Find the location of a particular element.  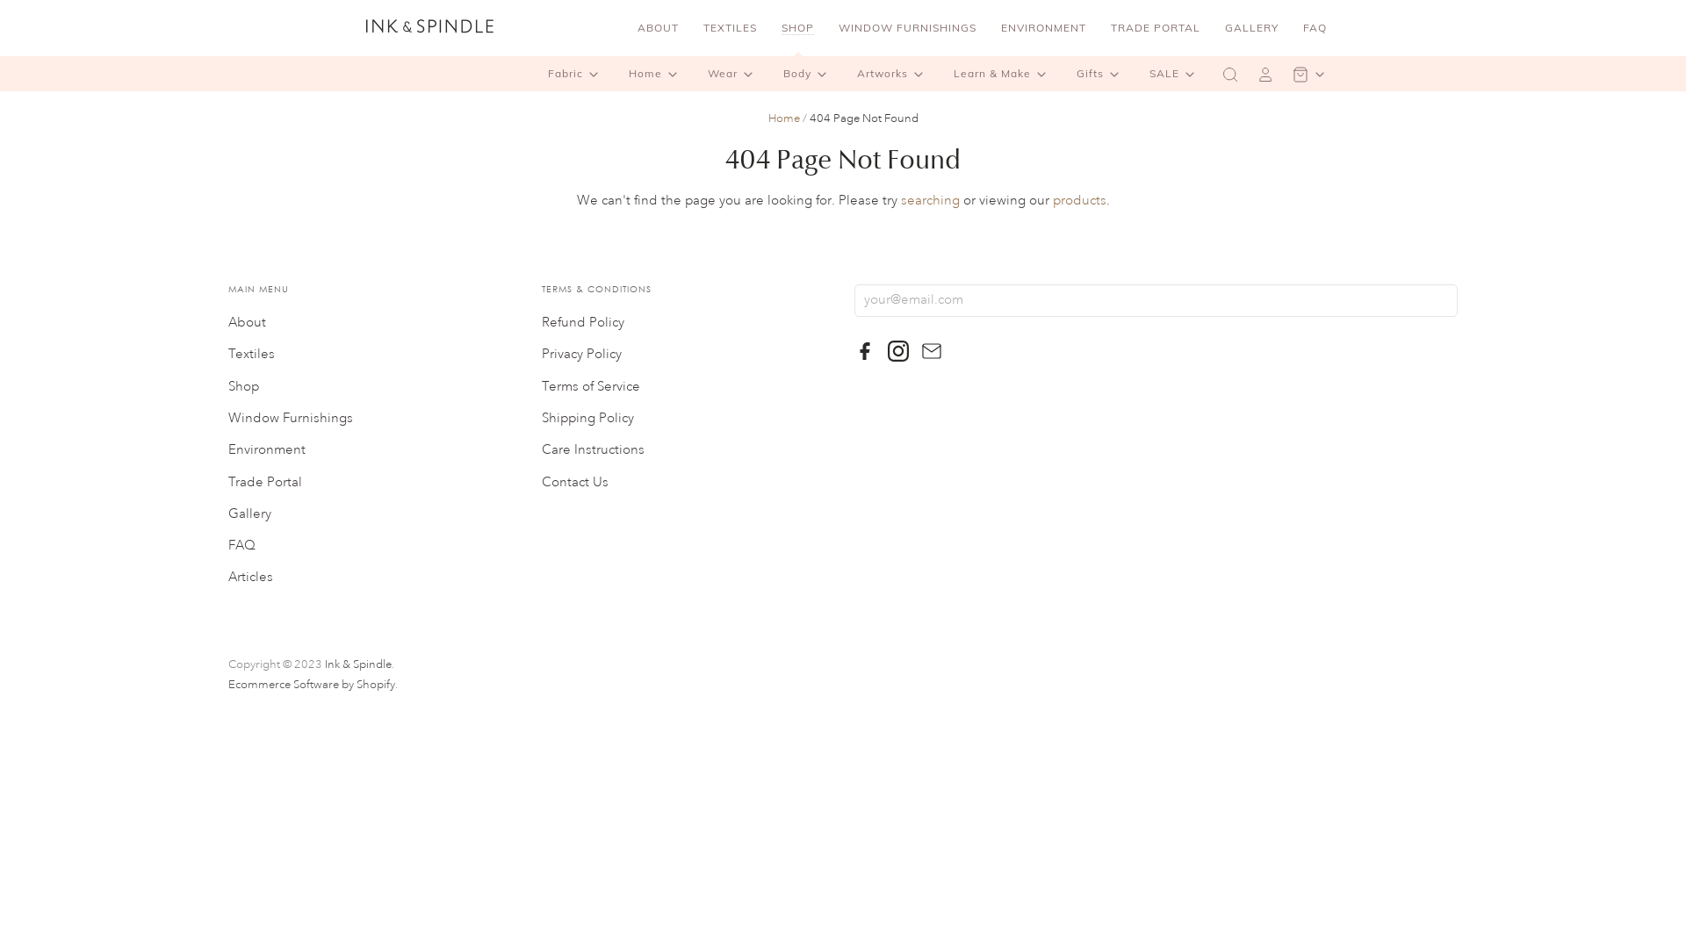

'Wear' is located at coordinates (733, 73).